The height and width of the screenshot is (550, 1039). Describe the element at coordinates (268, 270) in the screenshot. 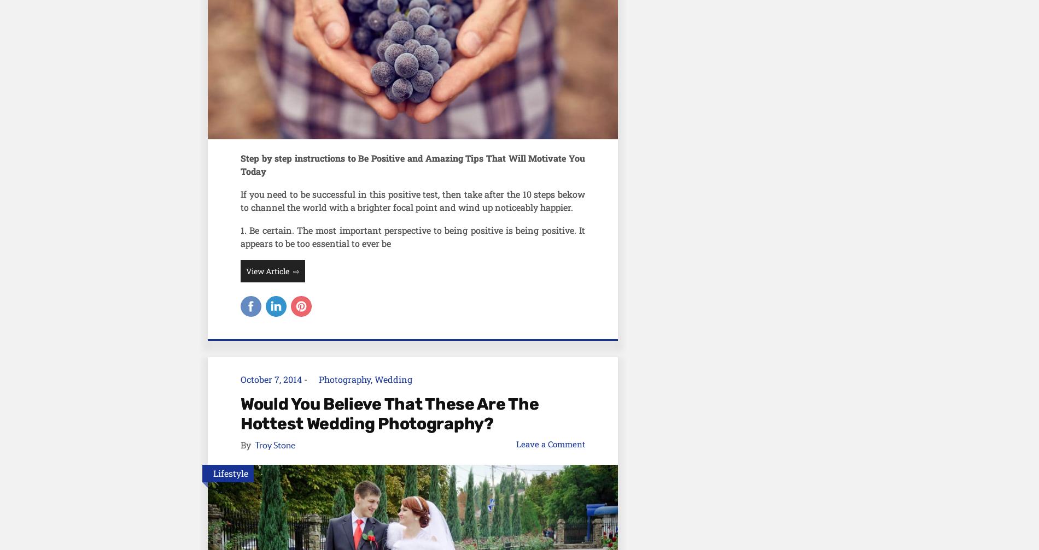

I see `'View Article'` at that location.